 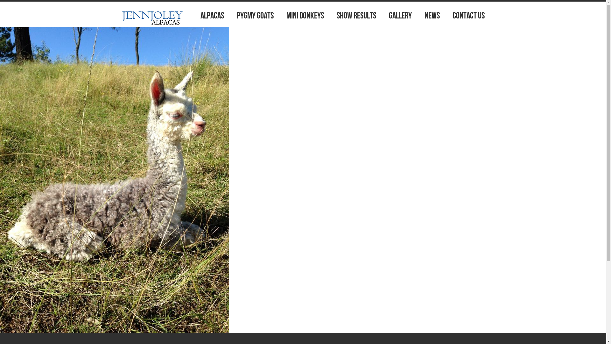 What do you see at coordinates (305, 16) in the screenshot?
I see `'MINI DONKEYS'` at bounding box center [305, 16].